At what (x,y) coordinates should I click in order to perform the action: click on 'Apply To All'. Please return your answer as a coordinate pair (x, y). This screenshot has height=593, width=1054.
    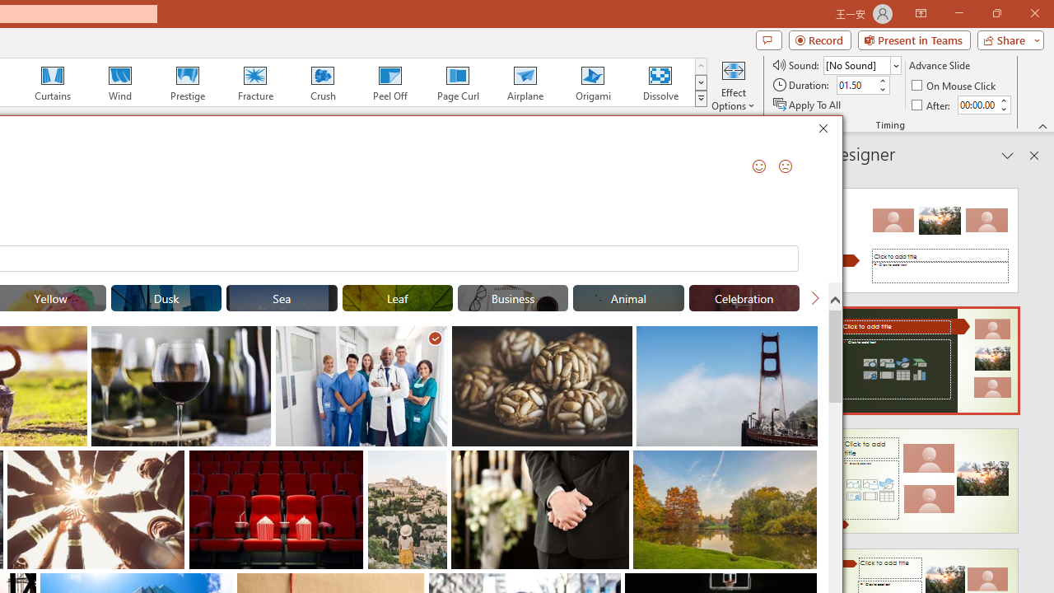
    Looking at the image, I should click on (808, 105).